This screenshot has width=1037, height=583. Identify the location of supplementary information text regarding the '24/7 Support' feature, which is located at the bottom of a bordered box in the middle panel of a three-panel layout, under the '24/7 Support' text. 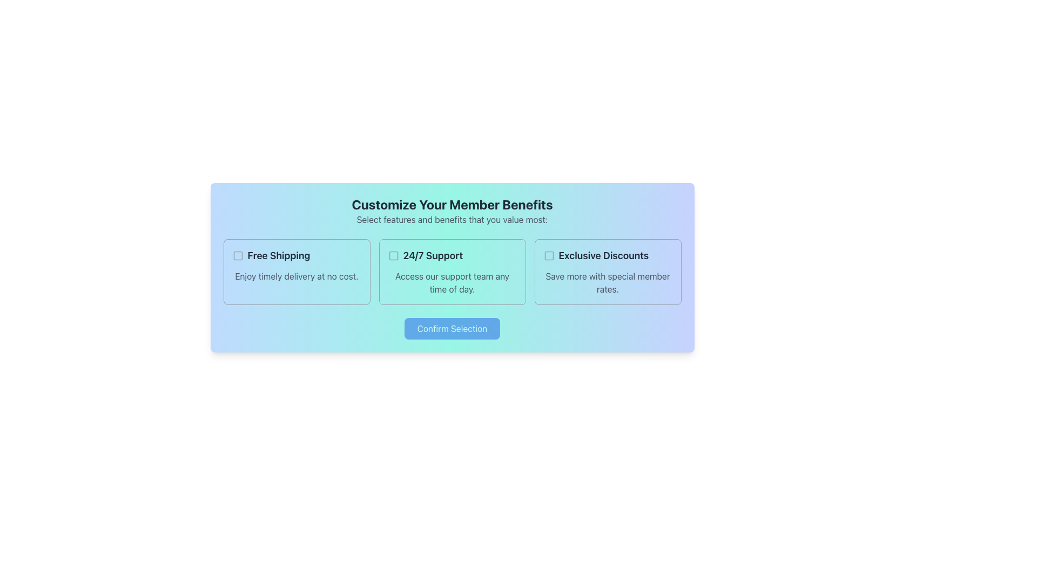
(452, 282).